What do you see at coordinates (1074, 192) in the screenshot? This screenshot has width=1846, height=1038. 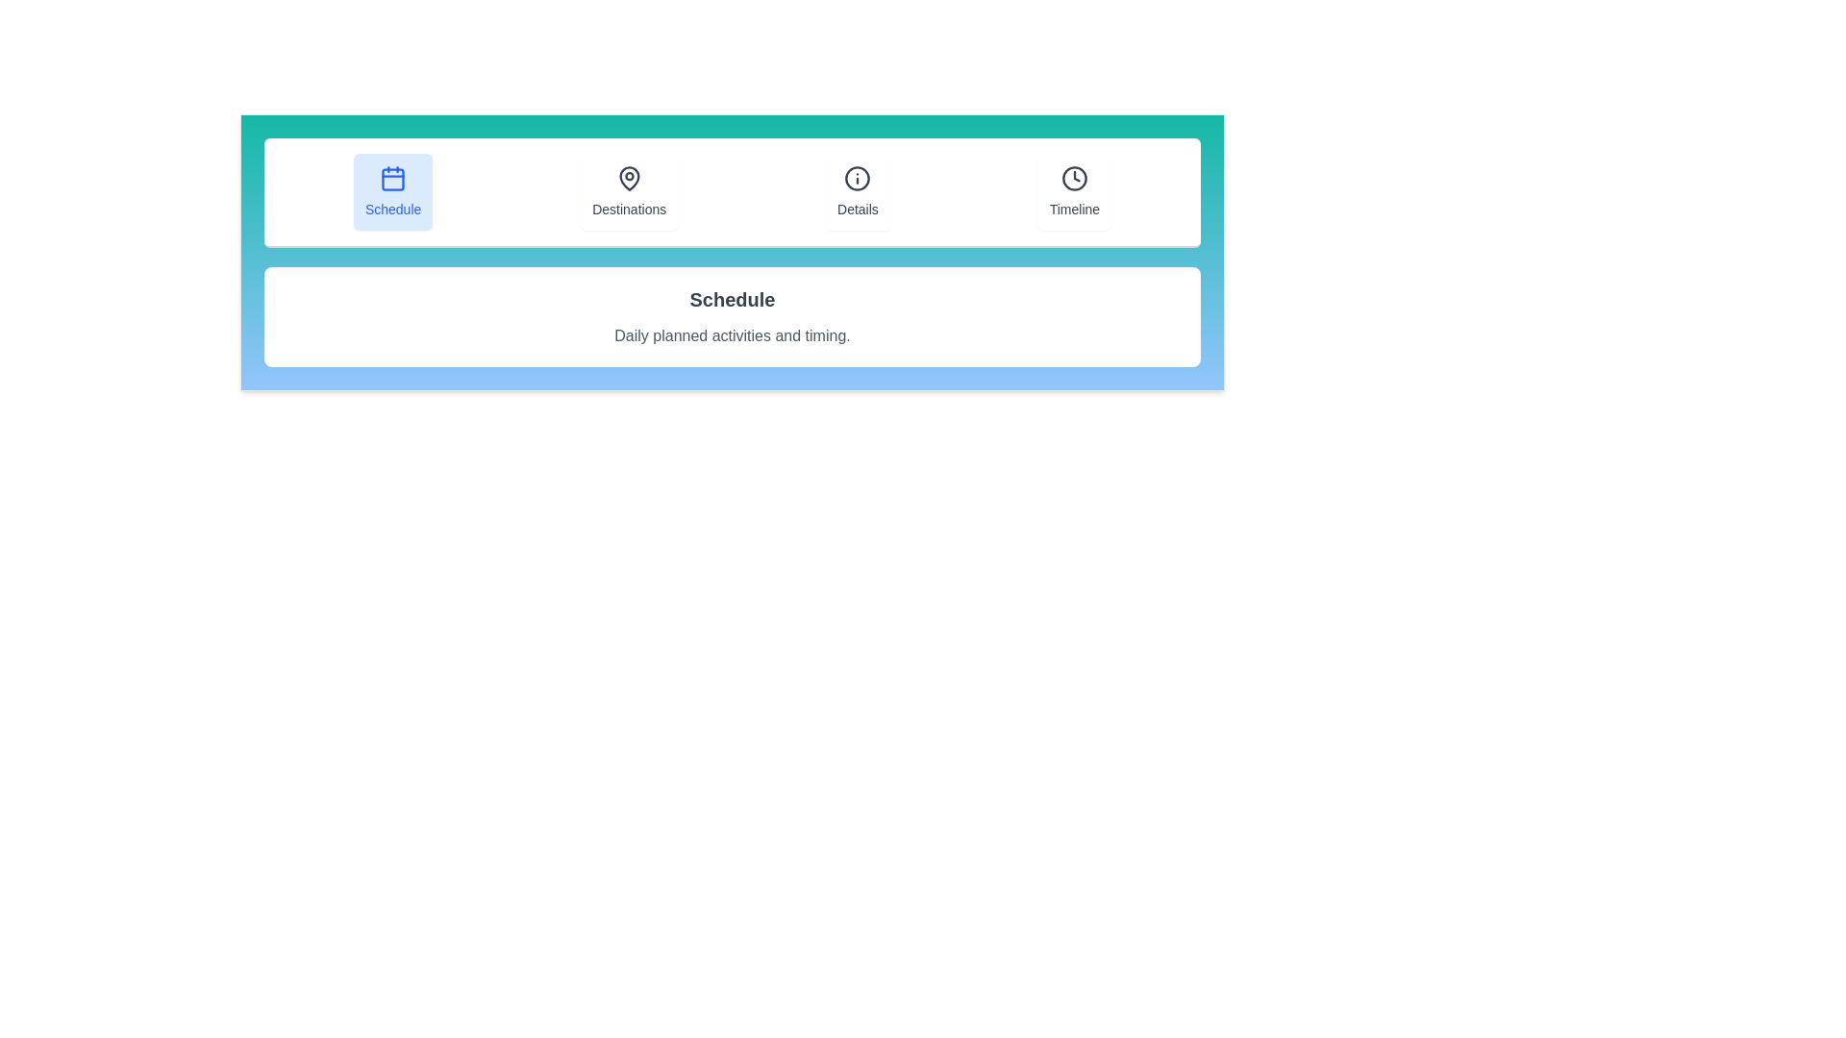 I see `the tab labeled Timeline` at bounding box center [1074, 192].